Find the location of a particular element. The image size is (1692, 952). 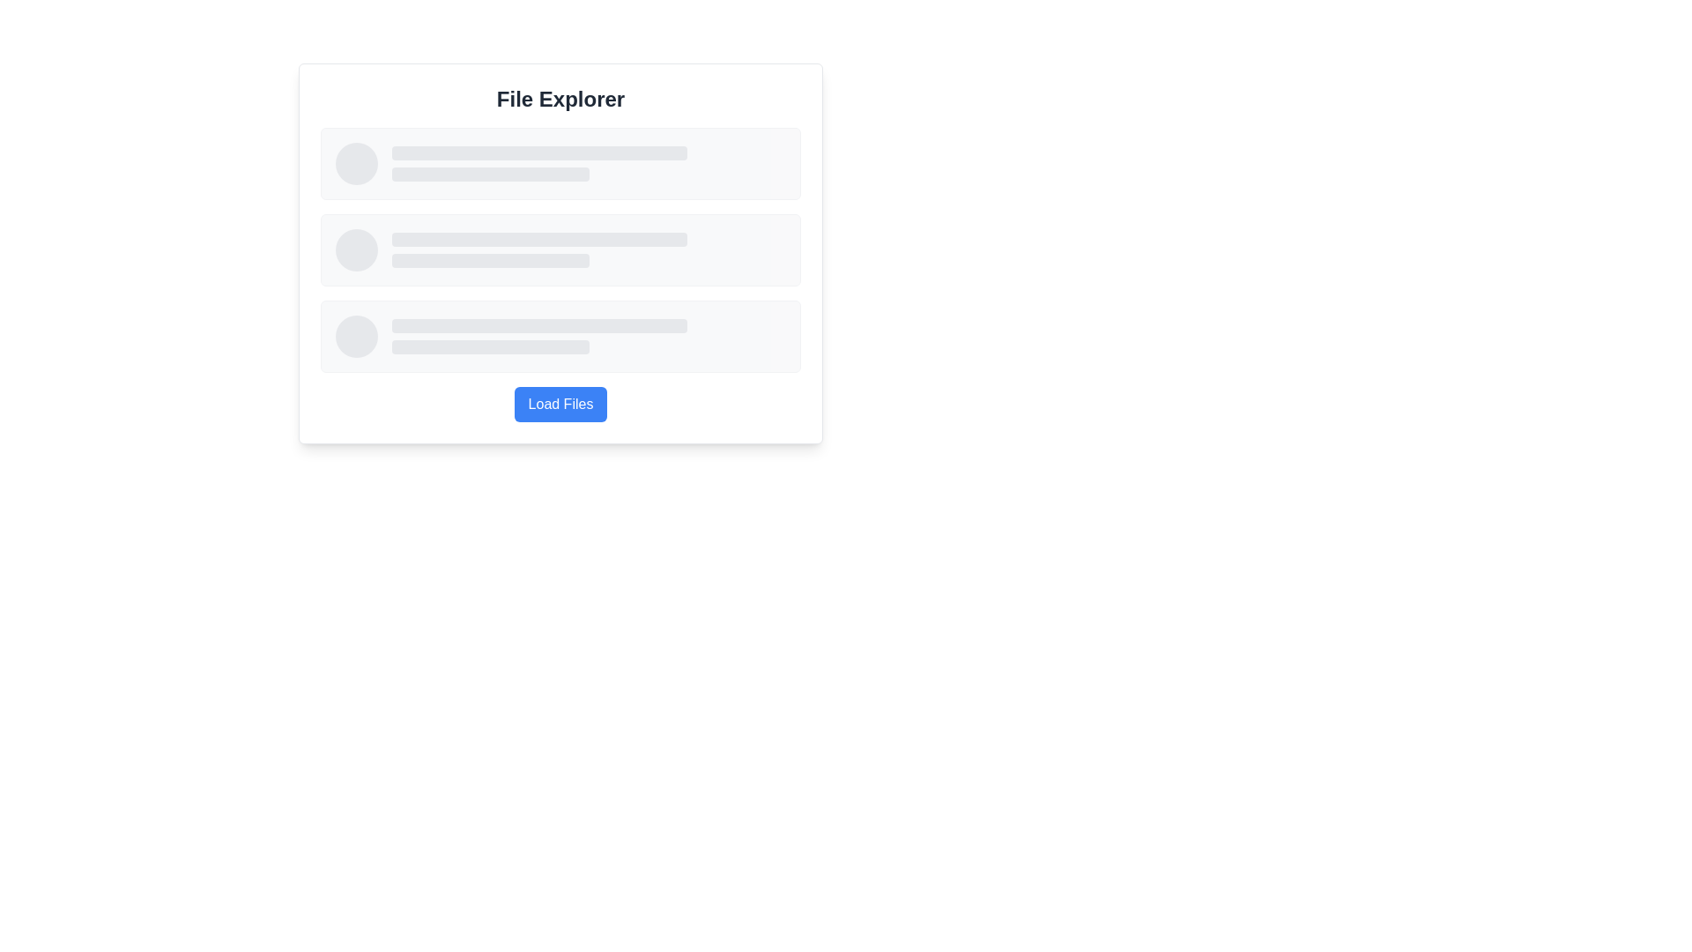

the horizontal rectangular visual placeholder or progress indicator with a light gray background located near the center bottom of the interface is located at coordinates (538, 326).